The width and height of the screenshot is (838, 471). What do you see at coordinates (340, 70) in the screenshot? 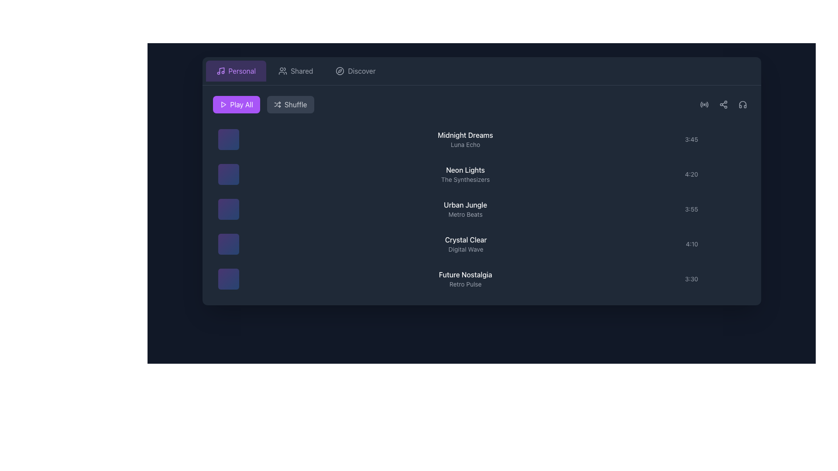
I see `the circular compass icon located in the navigation bar under the 'Discover' tab, positioned to the left of the 'Discover' text label` at bounding box center [340, 70].